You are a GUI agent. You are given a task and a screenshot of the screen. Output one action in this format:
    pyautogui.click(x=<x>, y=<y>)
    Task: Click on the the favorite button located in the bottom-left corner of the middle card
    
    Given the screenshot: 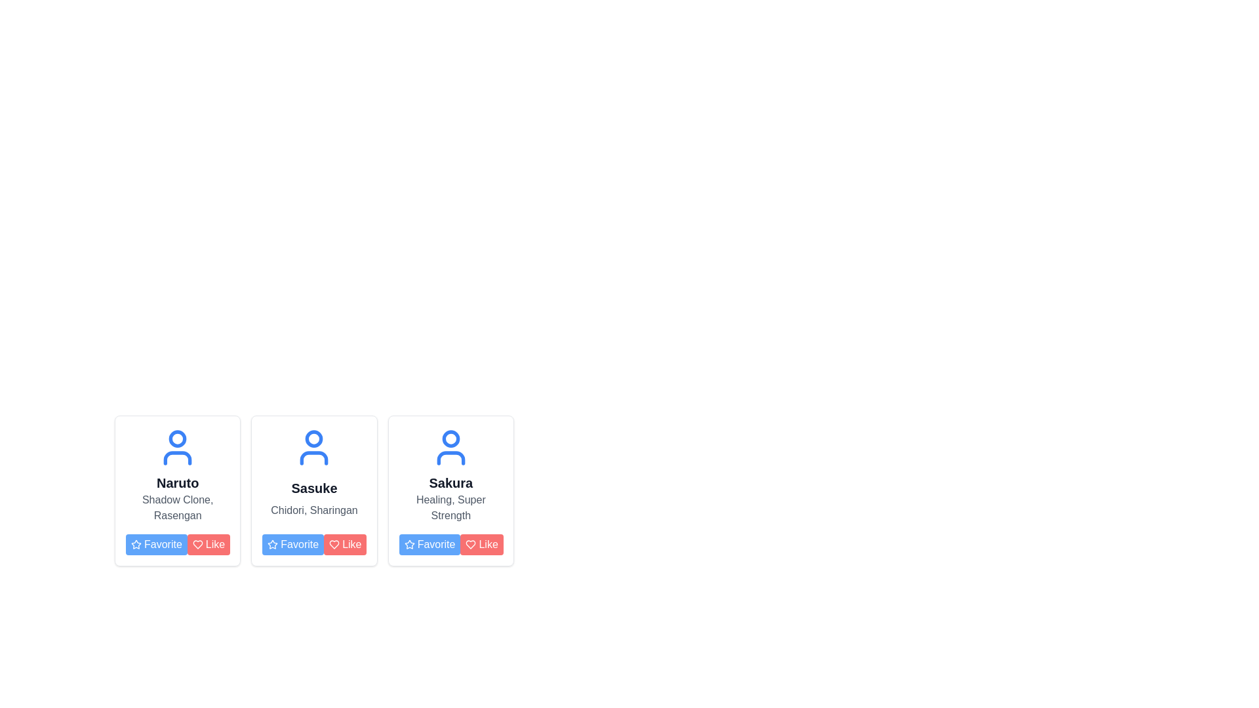 What is the action you would take?
    pyautogui.click(x=292, y=544)
    